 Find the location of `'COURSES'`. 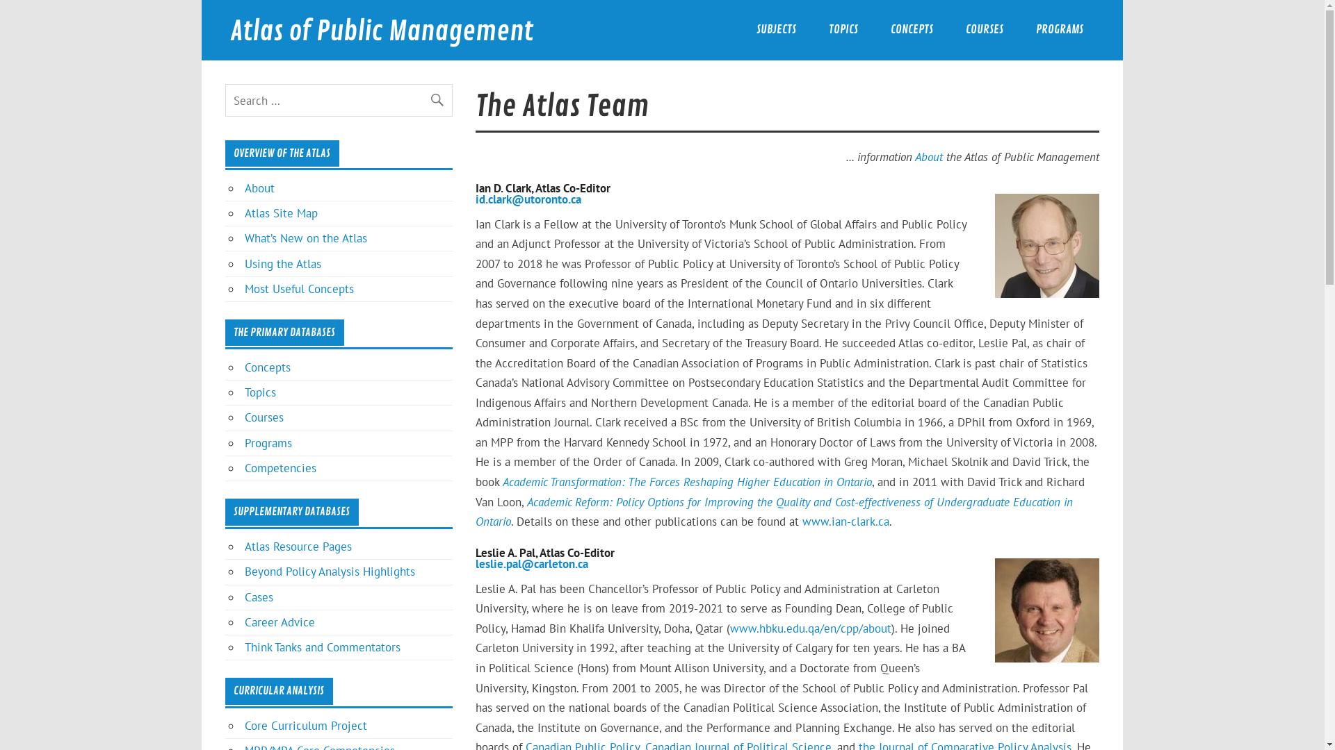

'COURSES' is located at coordinates (983, 30).